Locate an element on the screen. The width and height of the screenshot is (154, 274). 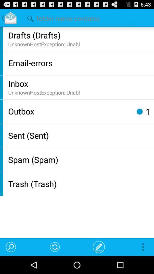
word s to search is located at coordinates (78, 17).